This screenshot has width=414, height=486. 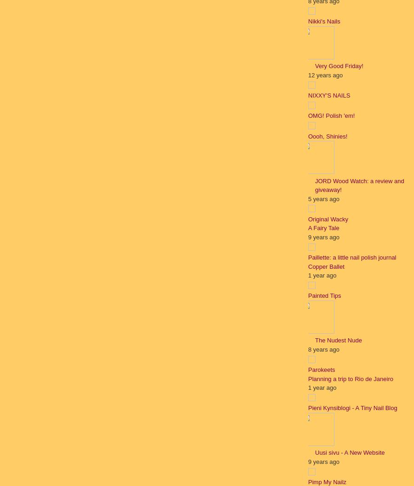 What do you see at coordinates (308, 481) in the screenshot?
I see `'Pimp My Nailz'` at bounding box center [308, 481].